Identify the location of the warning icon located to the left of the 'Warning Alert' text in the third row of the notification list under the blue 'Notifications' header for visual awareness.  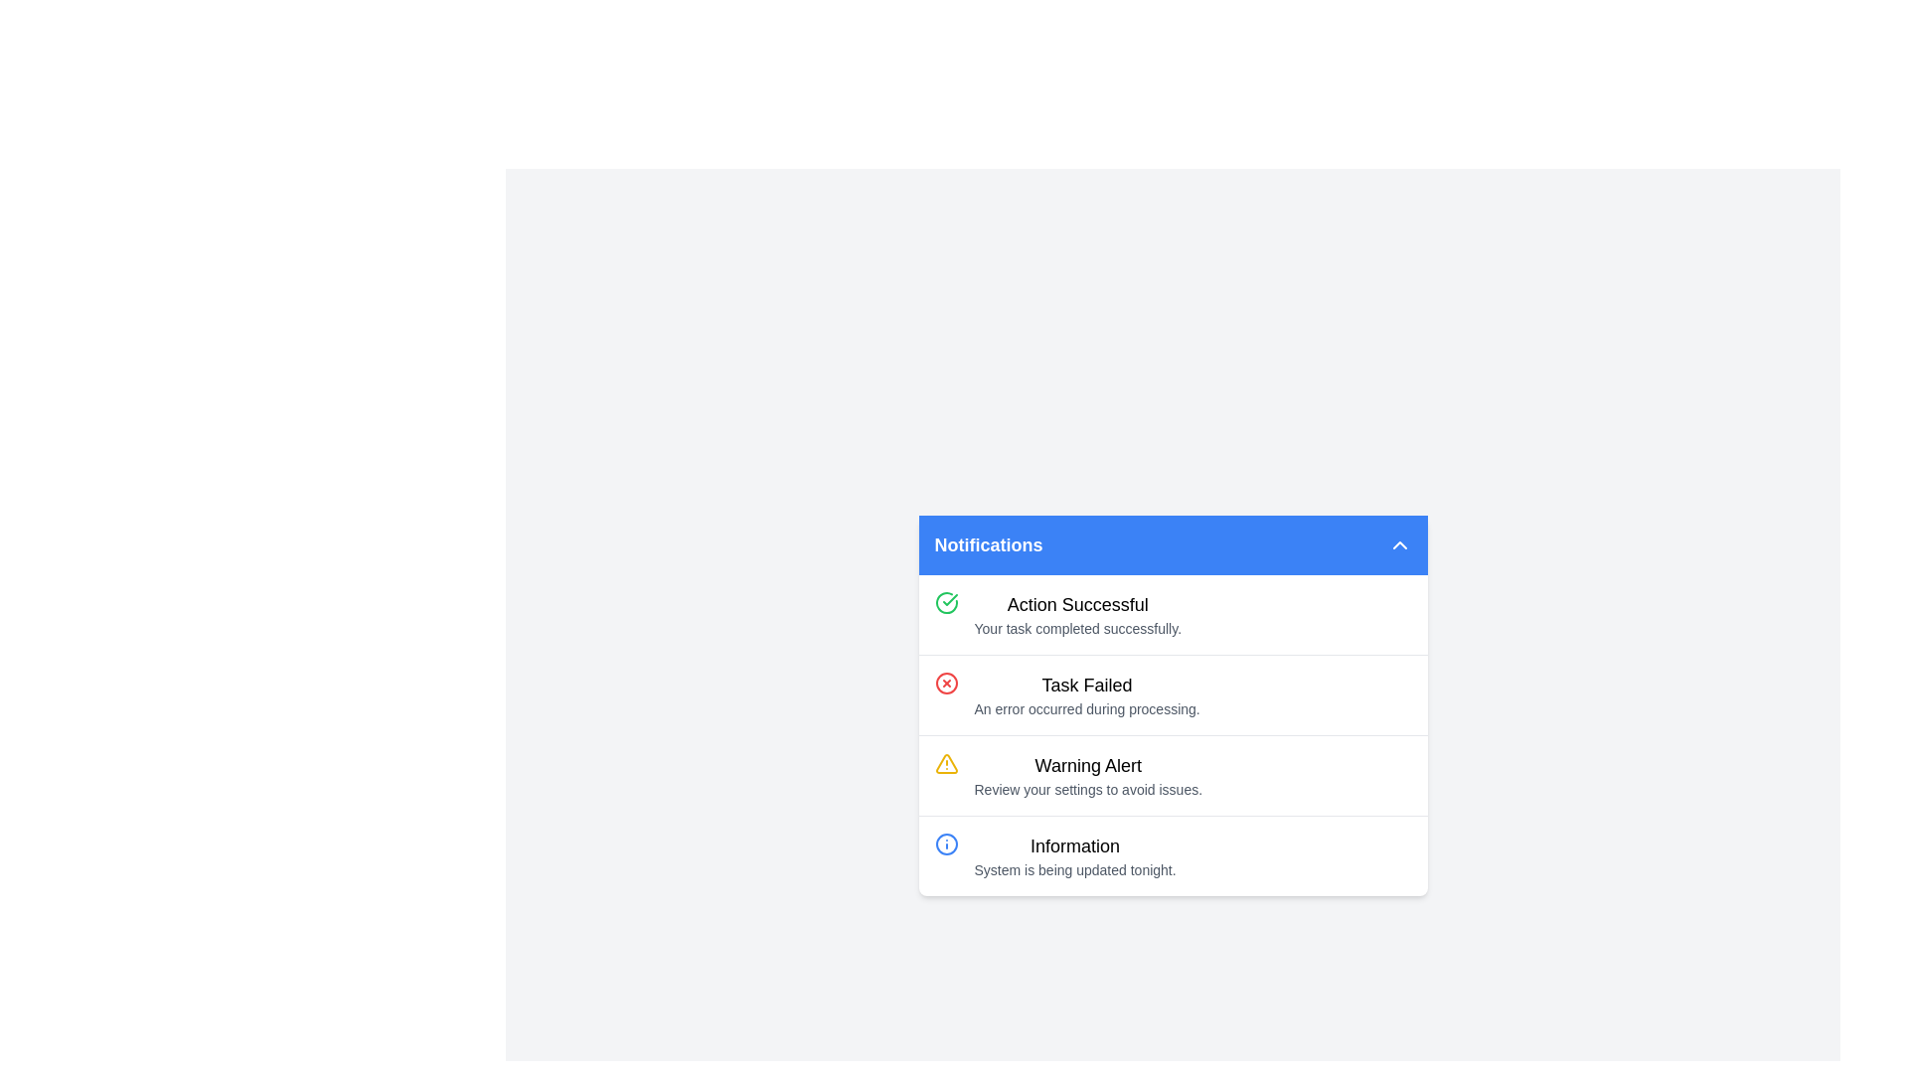
(945, 762).